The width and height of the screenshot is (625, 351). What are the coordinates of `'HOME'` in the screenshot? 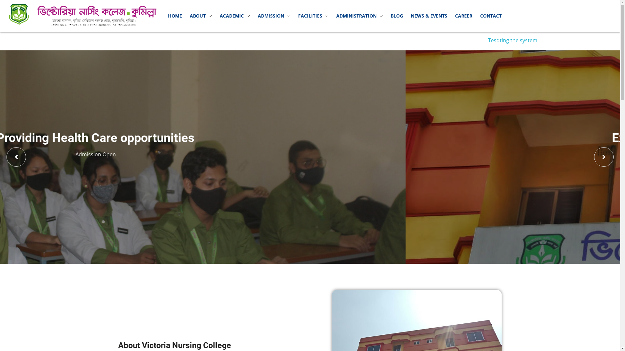 It's located at (175, 16).